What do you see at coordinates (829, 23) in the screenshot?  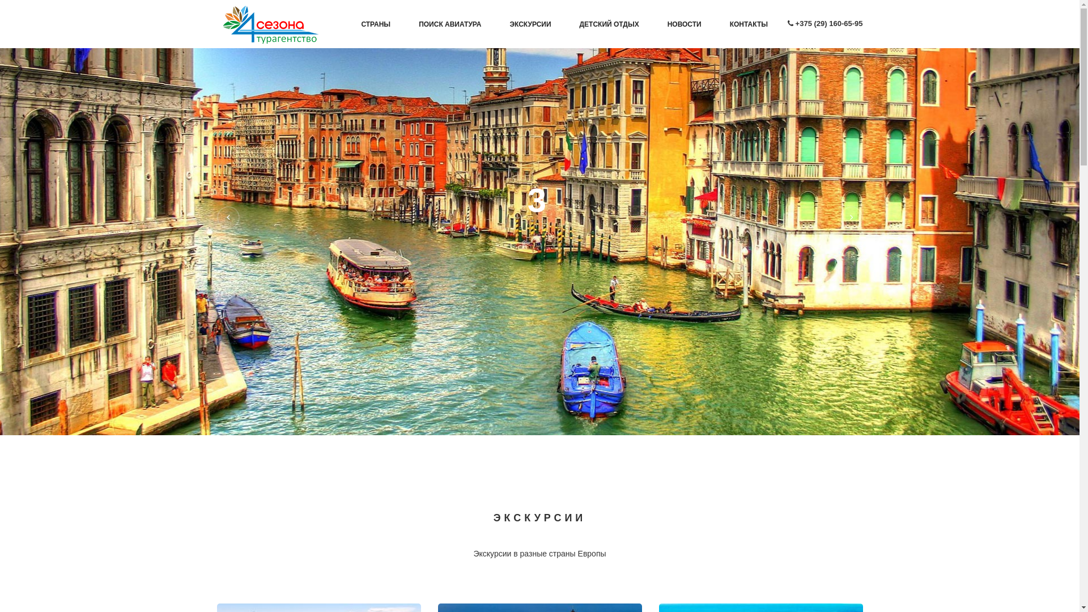 I see `'+375 (29) 160-65-95'` at bounding box center [829, 23].